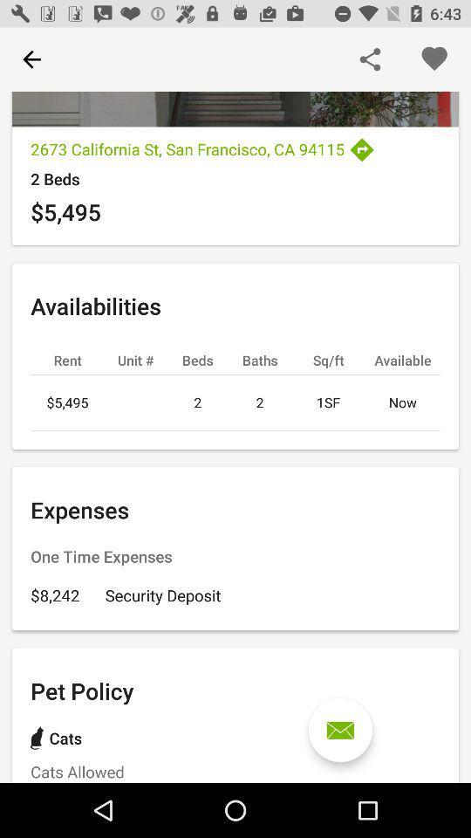 The width and height of the screenshot is (471, 838). I want to click on like the page, so click(433, 59).